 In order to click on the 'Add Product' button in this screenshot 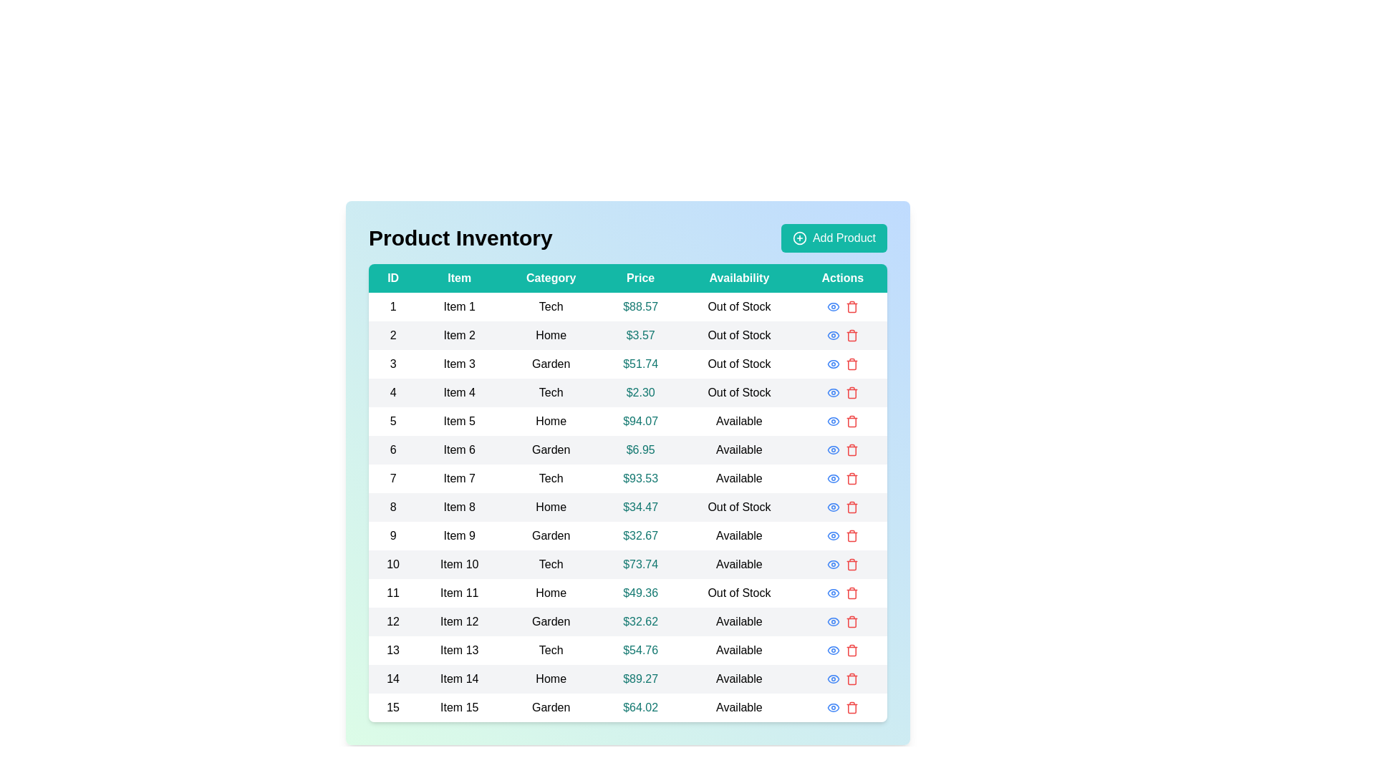, I will do `click(833, 237)`.